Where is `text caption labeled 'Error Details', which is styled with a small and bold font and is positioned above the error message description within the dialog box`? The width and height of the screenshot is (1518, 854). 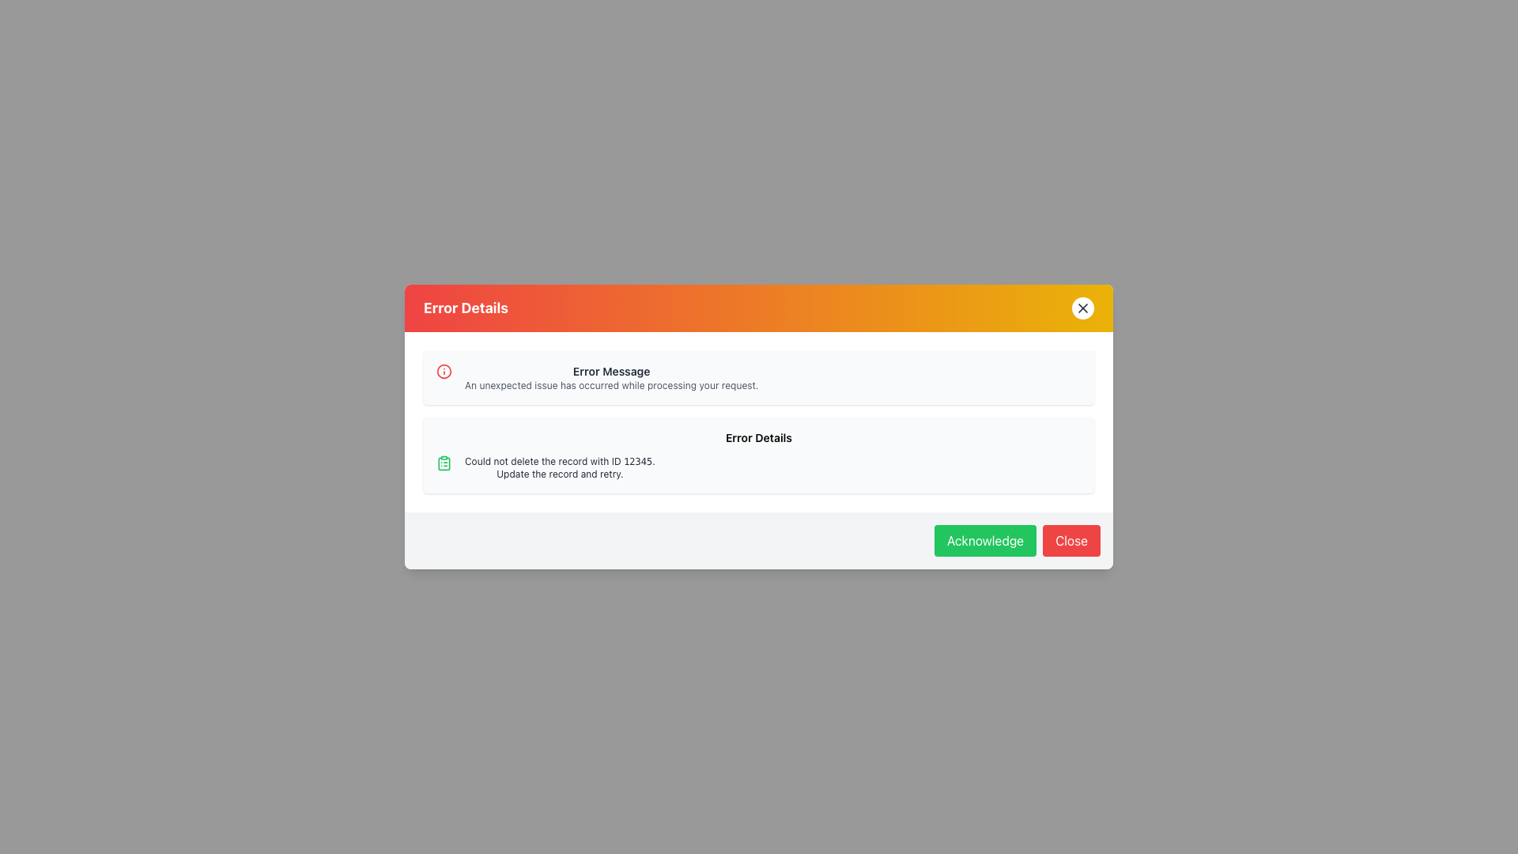 text caption labeled 'Error Details', which is styled with a small and bold font and is positioned above the error message description within the dialog box is located at coordinates (759, 438).